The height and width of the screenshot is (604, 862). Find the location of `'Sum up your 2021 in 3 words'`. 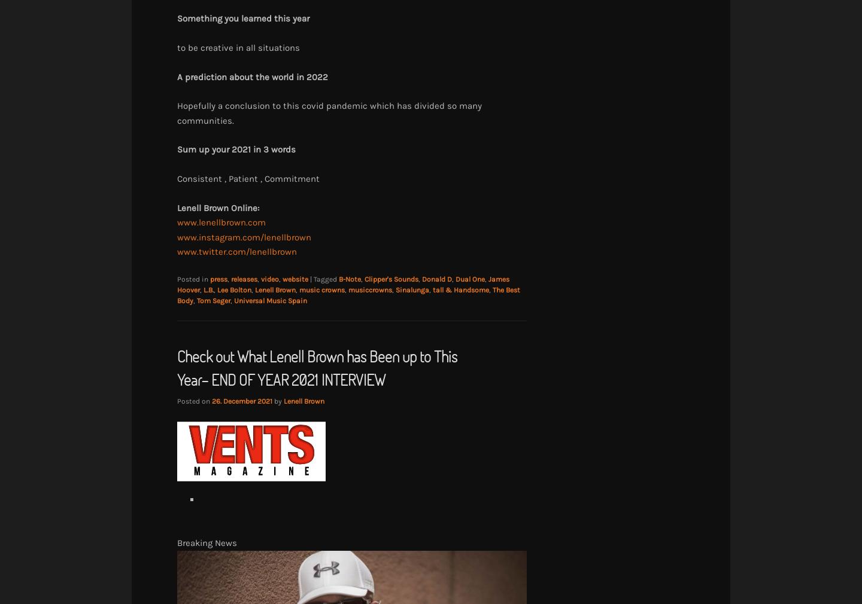

'Sum up your 2021 in 3 words' is located at coordinates (235, 148).